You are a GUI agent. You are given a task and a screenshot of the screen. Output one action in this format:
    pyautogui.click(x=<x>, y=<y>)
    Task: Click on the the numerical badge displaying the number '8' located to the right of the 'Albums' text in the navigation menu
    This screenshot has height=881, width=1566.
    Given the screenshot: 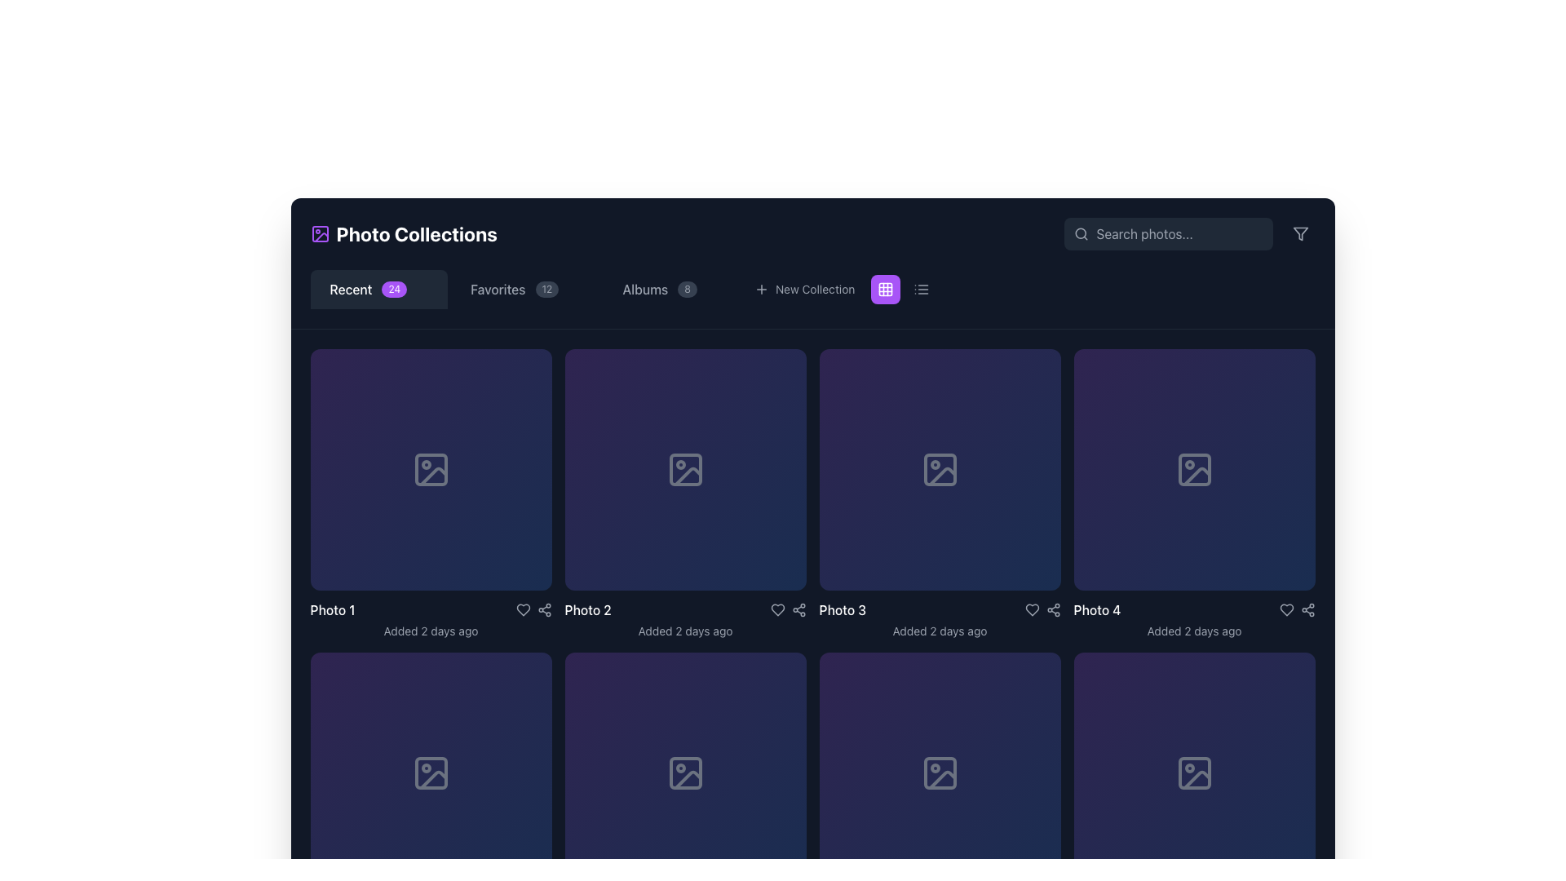 What is the action you would take?
    pyautogui.click(x=688, y=288)
    